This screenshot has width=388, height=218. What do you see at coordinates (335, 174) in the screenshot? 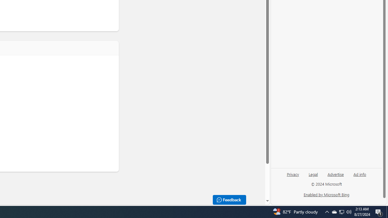
I see `'Advertise'` at bounding box center [335, 174].